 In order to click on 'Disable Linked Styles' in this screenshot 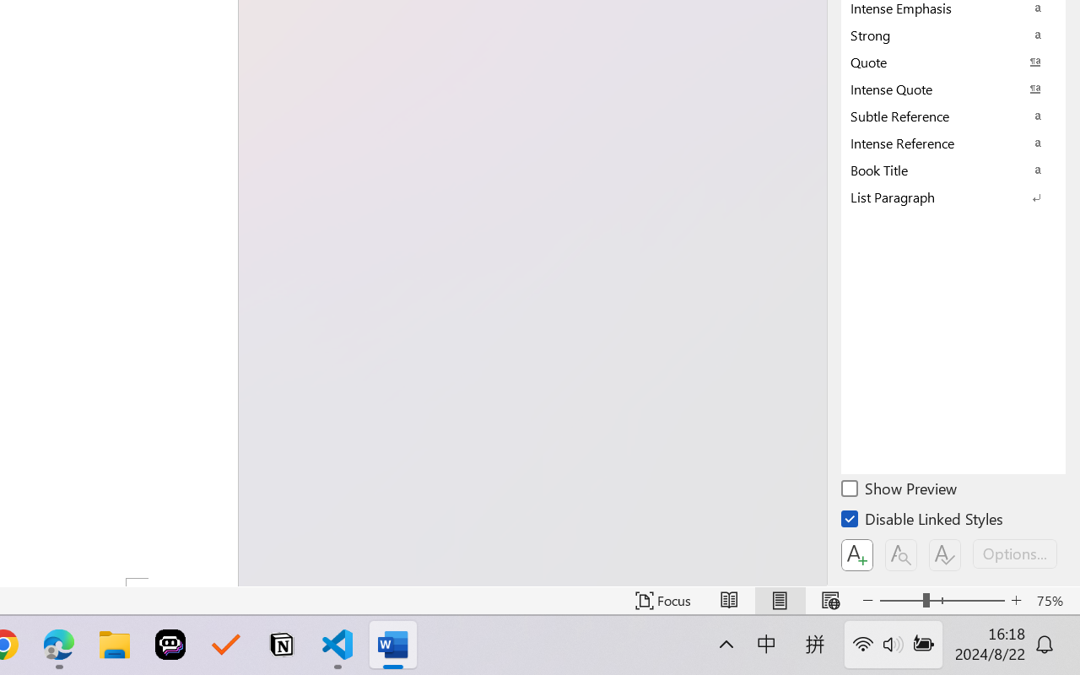, I will do `click(923, 521)`.